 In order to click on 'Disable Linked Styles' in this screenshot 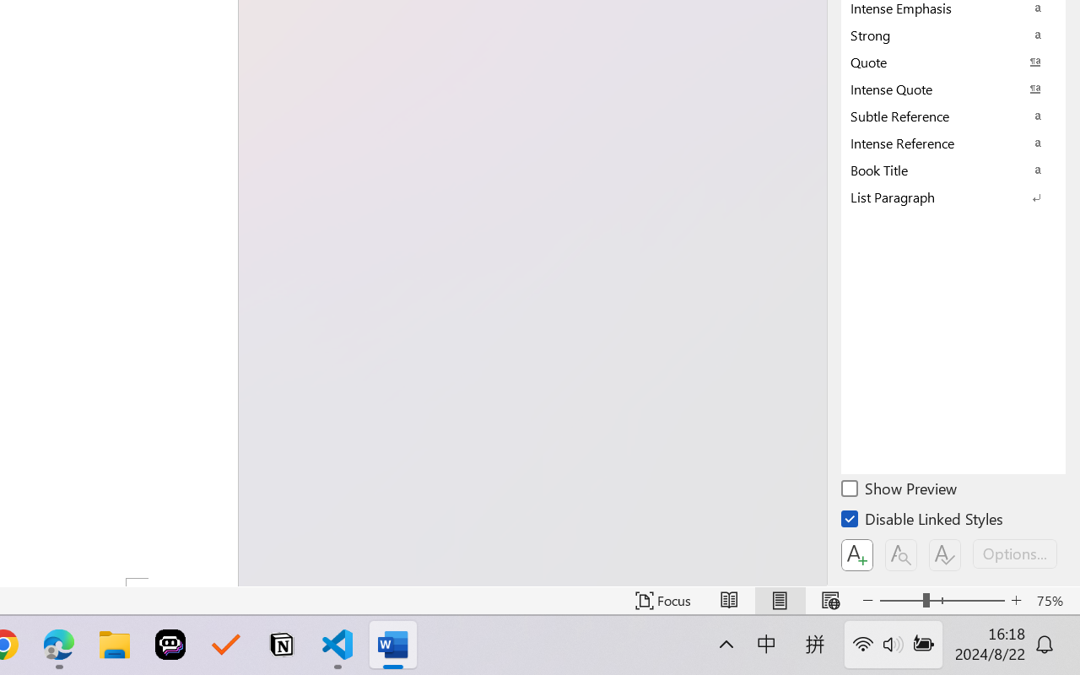, I will do `click(923, 521)`.